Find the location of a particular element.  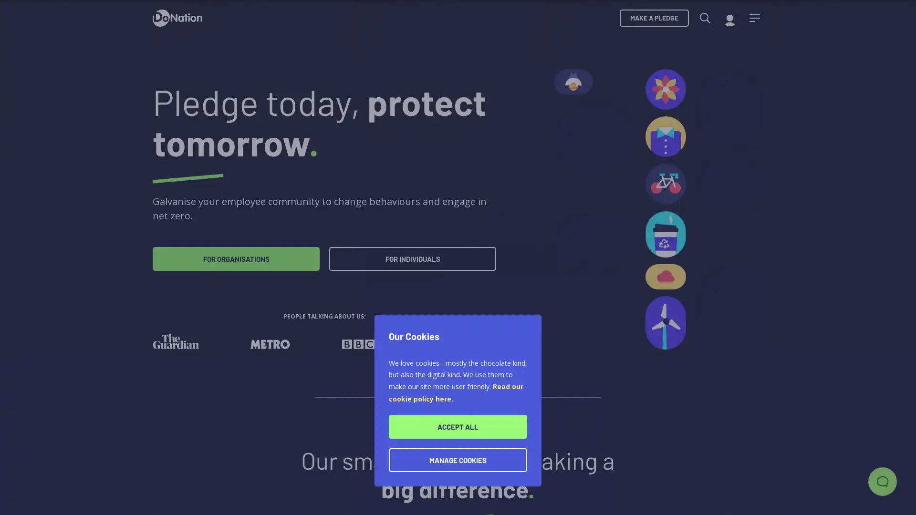

MANAGE COOKIES is located at coordinates (458, 459).